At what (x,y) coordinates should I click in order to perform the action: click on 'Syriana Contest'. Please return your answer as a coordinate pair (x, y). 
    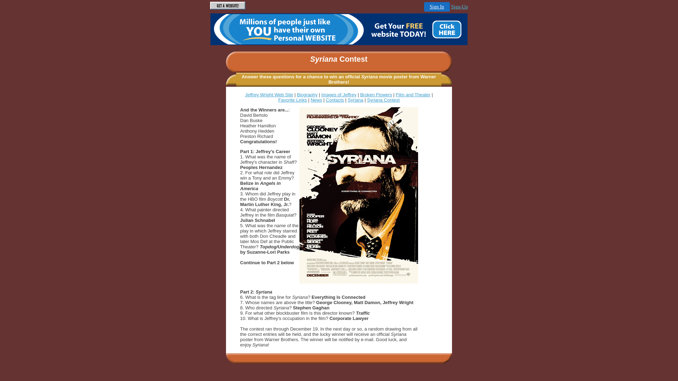
    Looking at the image, I should click on (367, 100).